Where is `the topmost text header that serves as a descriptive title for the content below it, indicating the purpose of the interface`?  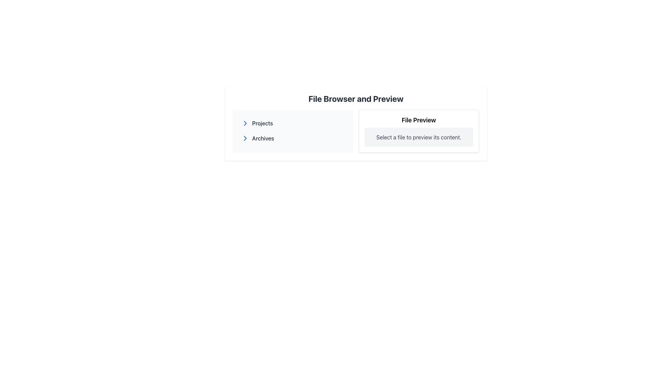 the topmost text header that serves as a descriptive title for the content below it, indicating the purpose of the interface is located at coordinates (355, 99).